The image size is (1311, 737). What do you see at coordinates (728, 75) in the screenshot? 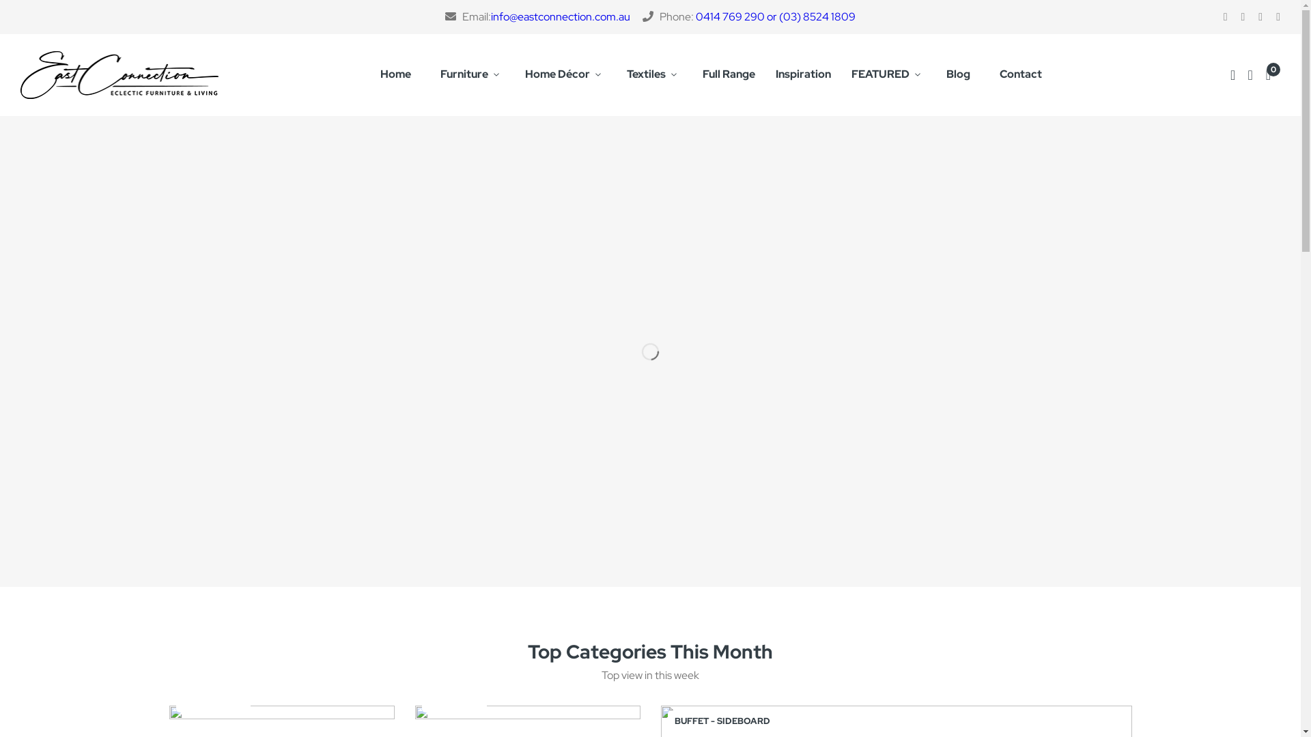
I see `'Full Range'` at bounding box center [728, 75].